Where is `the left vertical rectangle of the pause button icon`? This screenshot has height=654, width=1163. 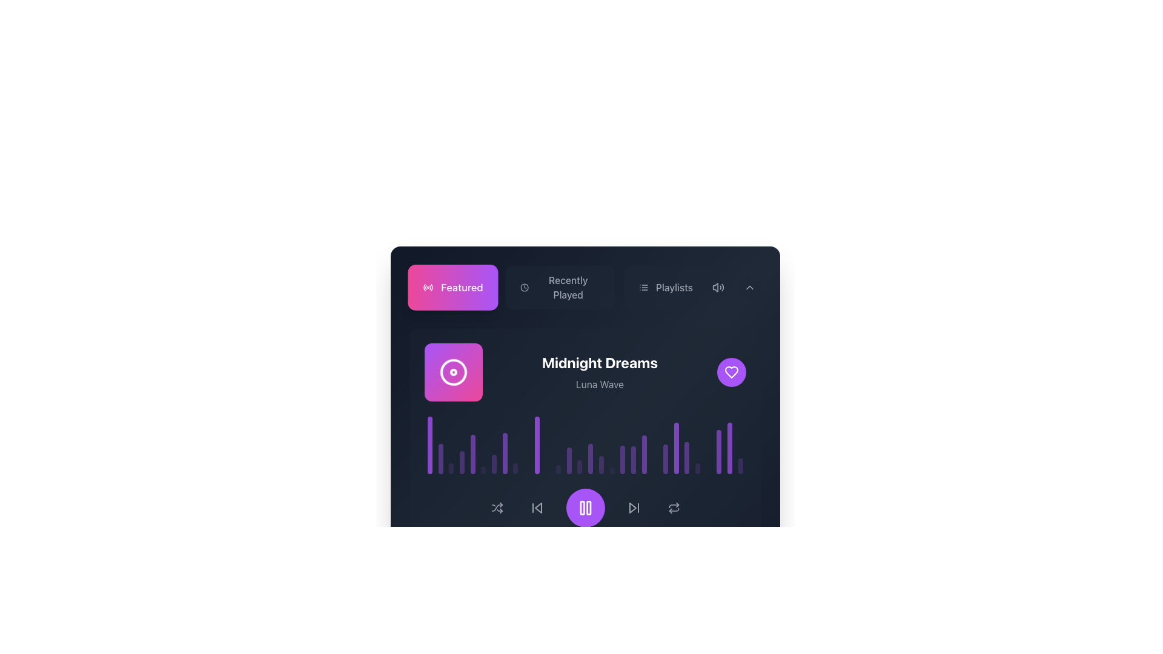 the left vertical rectangle of the pause button icon is located at coordinates (582, 508).